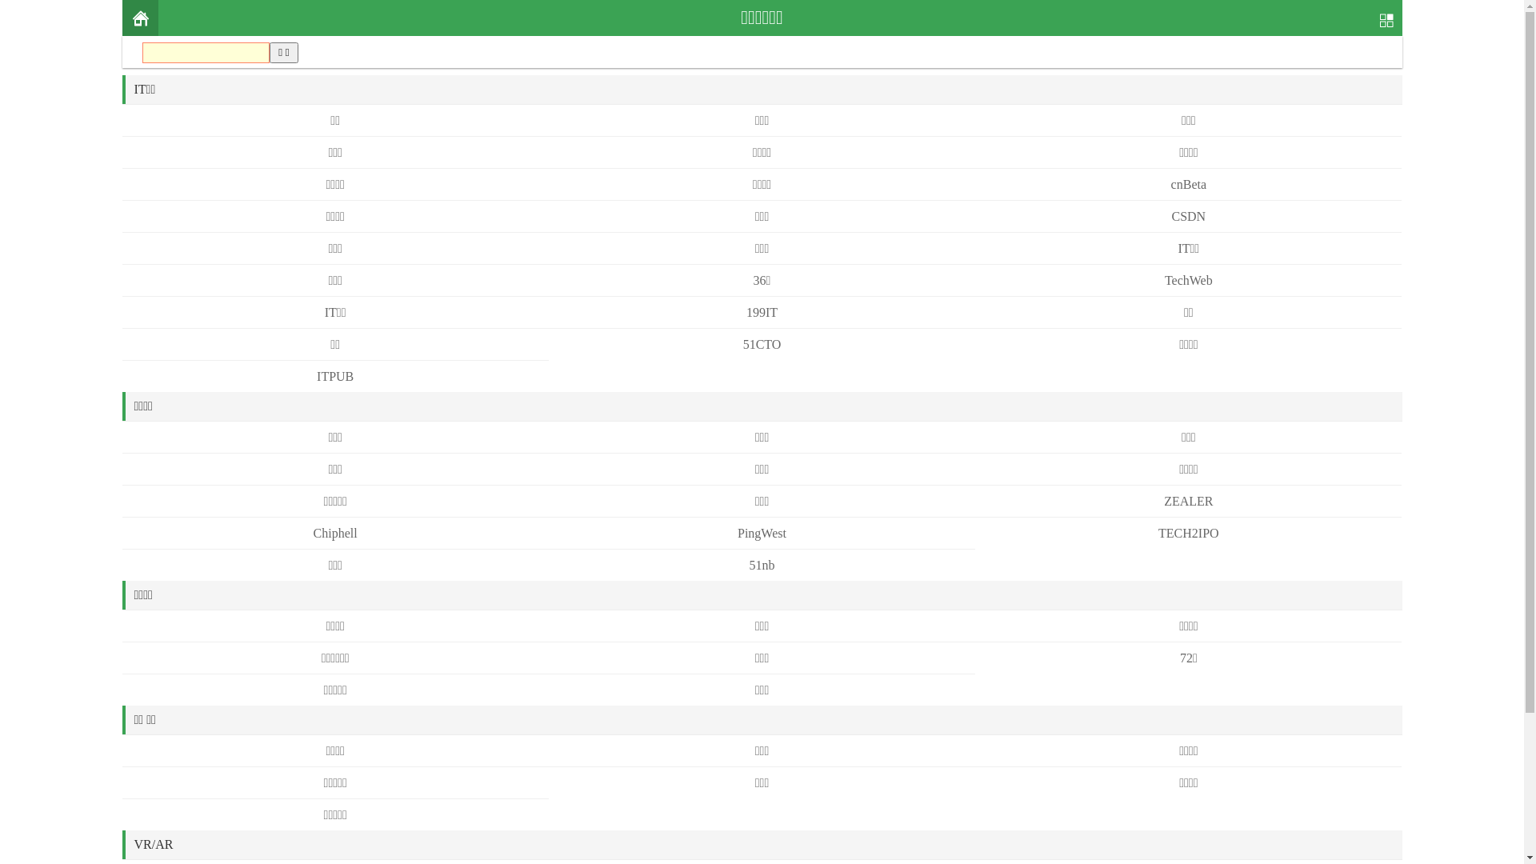 This screenshot has width=1536, height=864. I want to click on 'CSDN', so click(1171, 216).